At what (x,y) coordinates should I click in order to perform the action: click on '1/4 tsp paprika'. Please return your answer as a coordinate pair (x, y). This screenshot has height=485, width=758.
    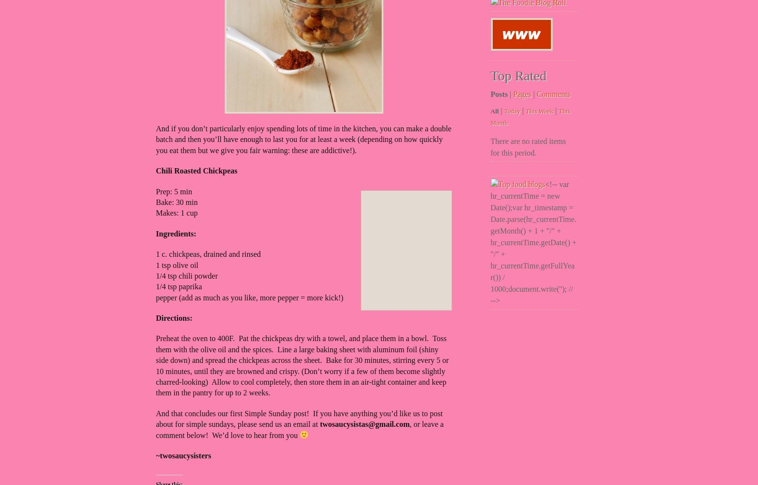
    Looking at the image, I should click on (178, 286).